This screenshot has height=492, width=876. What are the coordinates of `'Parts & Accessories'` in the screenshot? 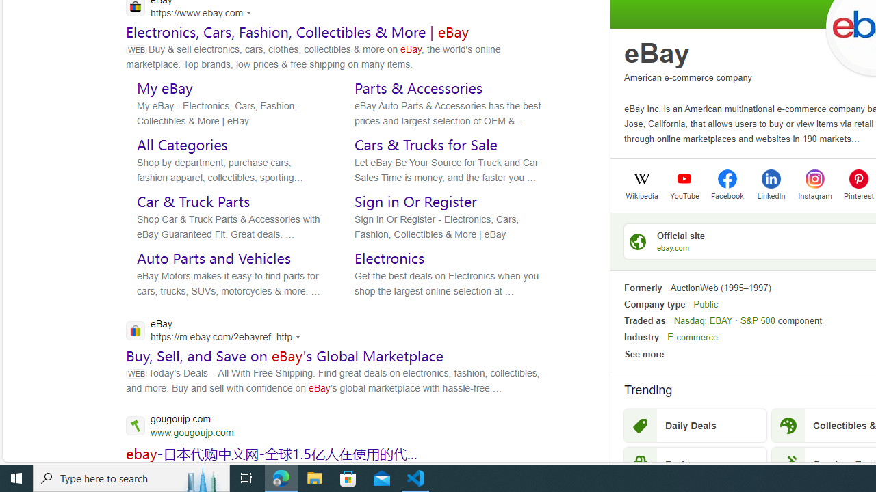 It's located at (418, 87).